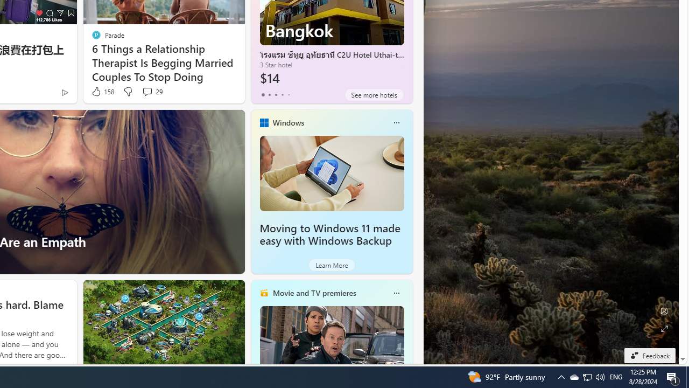 Image resolution: width=689 pixels, height=388 pixels. What do you see at coordinates (663, 328) in the screenshot?
I see `'Expand background'` at bounding box center [663, 328].